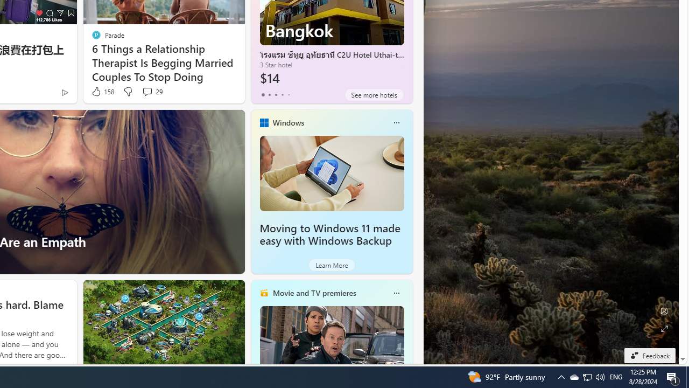 Image resolution: width=689 pixels, height=388 pixels. What do you see at coordinates (663, 328) in the screenshot?
I see `'Expand background'` at bounding box center [663, 328].